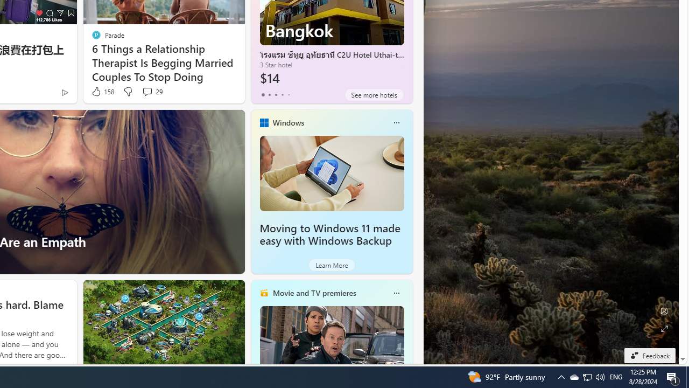 Image resolution: width=689 pixels, height=388 pixels. What do you see at coordinates (663, 328) in the screenshot?
I see `'Expand background'` at bounding box center [663, 328].